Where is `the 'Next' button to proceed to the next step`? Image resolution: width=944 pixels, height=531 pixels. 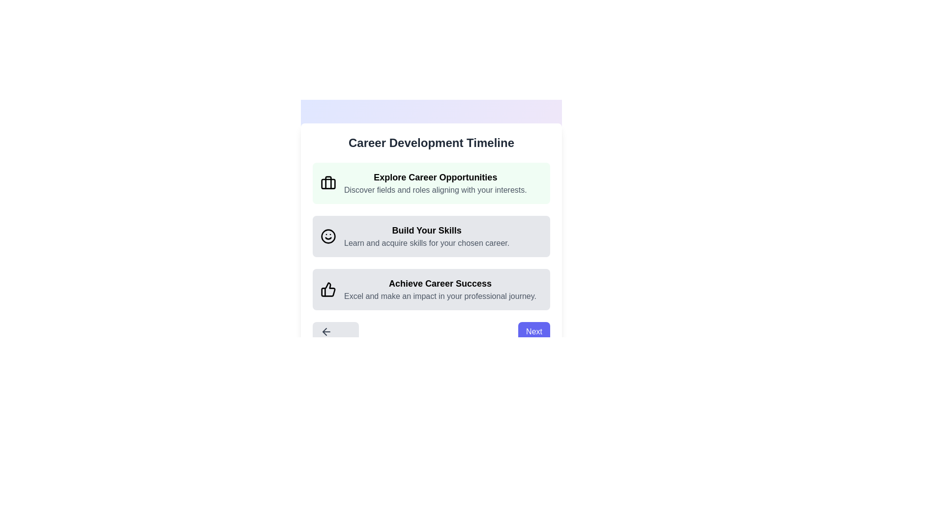
the 'Next' button to proceed to the next step is located at coordinates (533, 337).